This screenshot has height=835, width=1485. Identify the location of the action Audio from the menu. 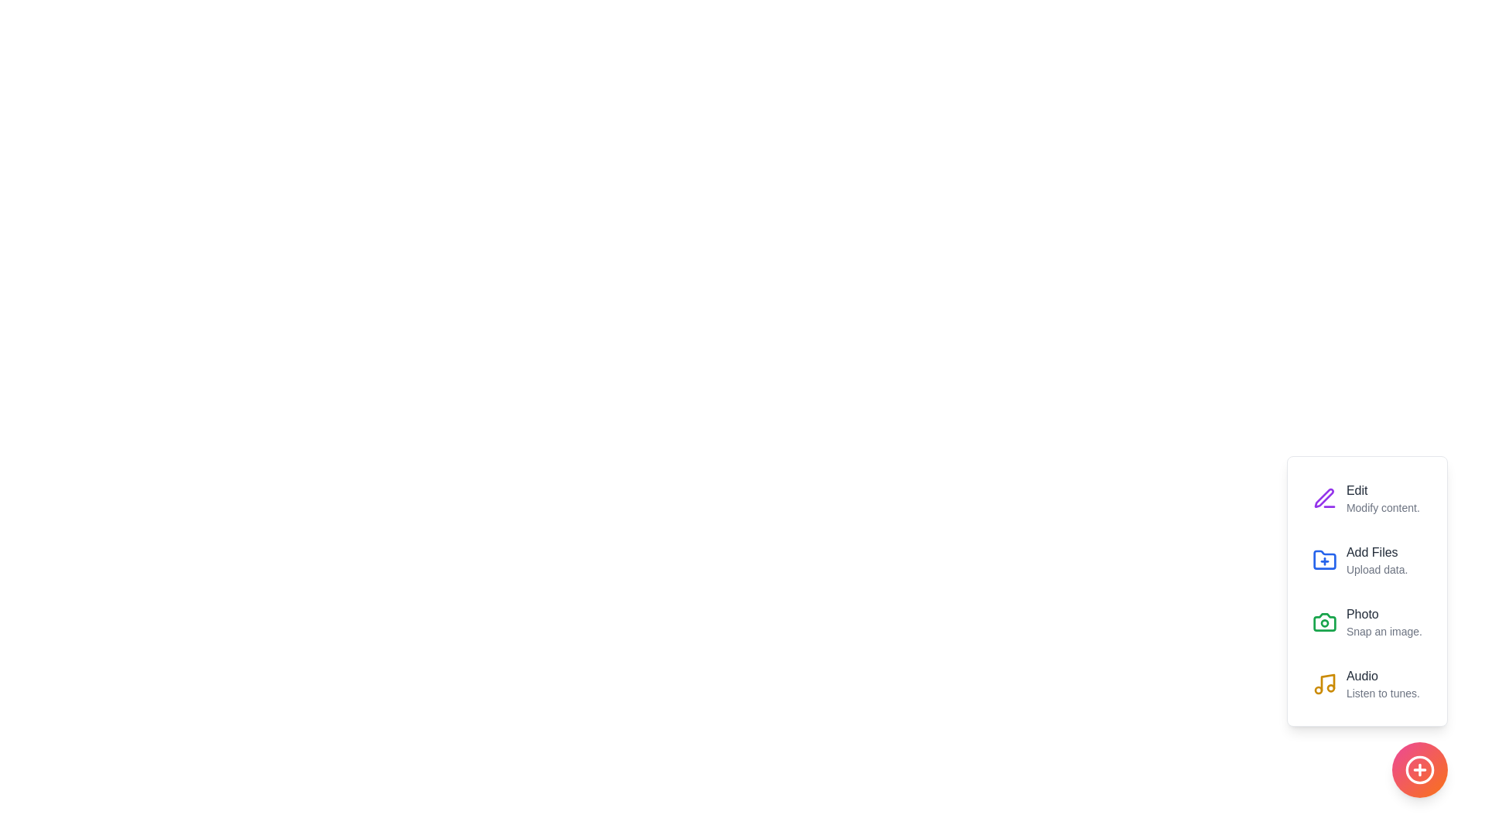
(1323, 683).